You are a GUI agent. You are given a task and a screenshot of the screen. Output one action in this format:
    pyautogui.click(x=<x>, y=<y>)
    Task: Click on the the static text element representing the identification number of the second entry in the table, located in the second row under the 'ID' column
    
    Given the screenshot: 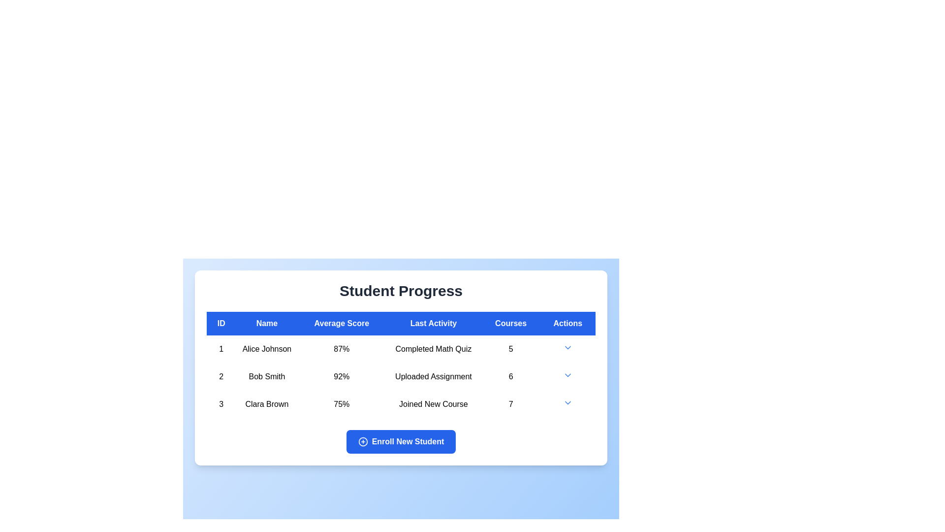 What is the action you would take?
    pyautogui.click(x=220, y=376)
    